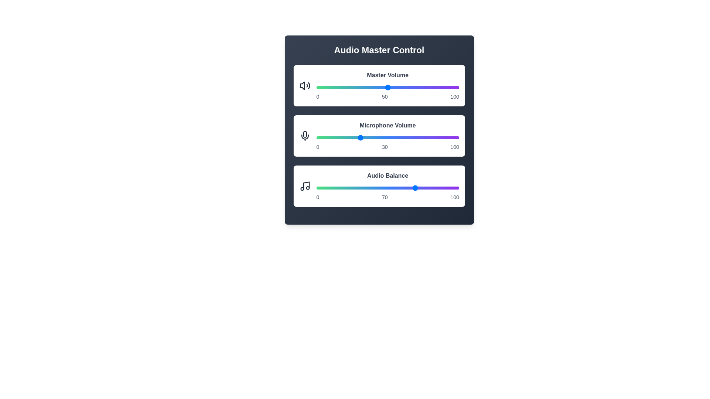  What do you see at coordinates (415, 188) in the screenshot?
I see `the Audio Balance slider to 69%` at bounding box center [415, 188].